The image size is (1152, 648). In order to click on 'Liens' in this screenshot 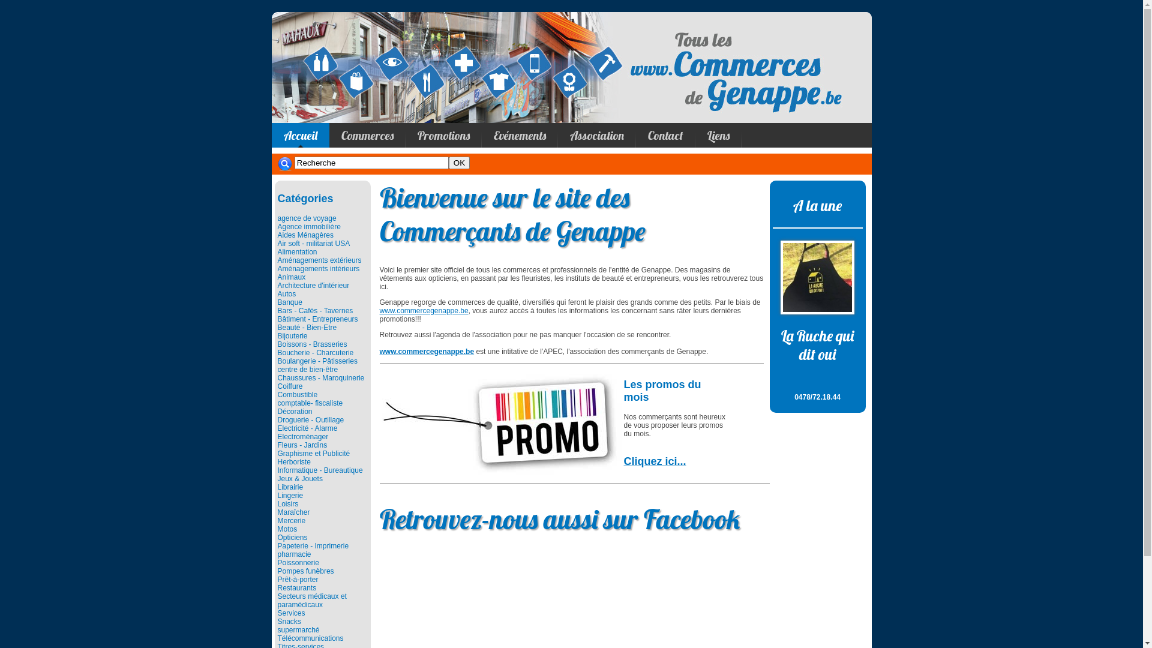, I will do `click(694, 135)`.